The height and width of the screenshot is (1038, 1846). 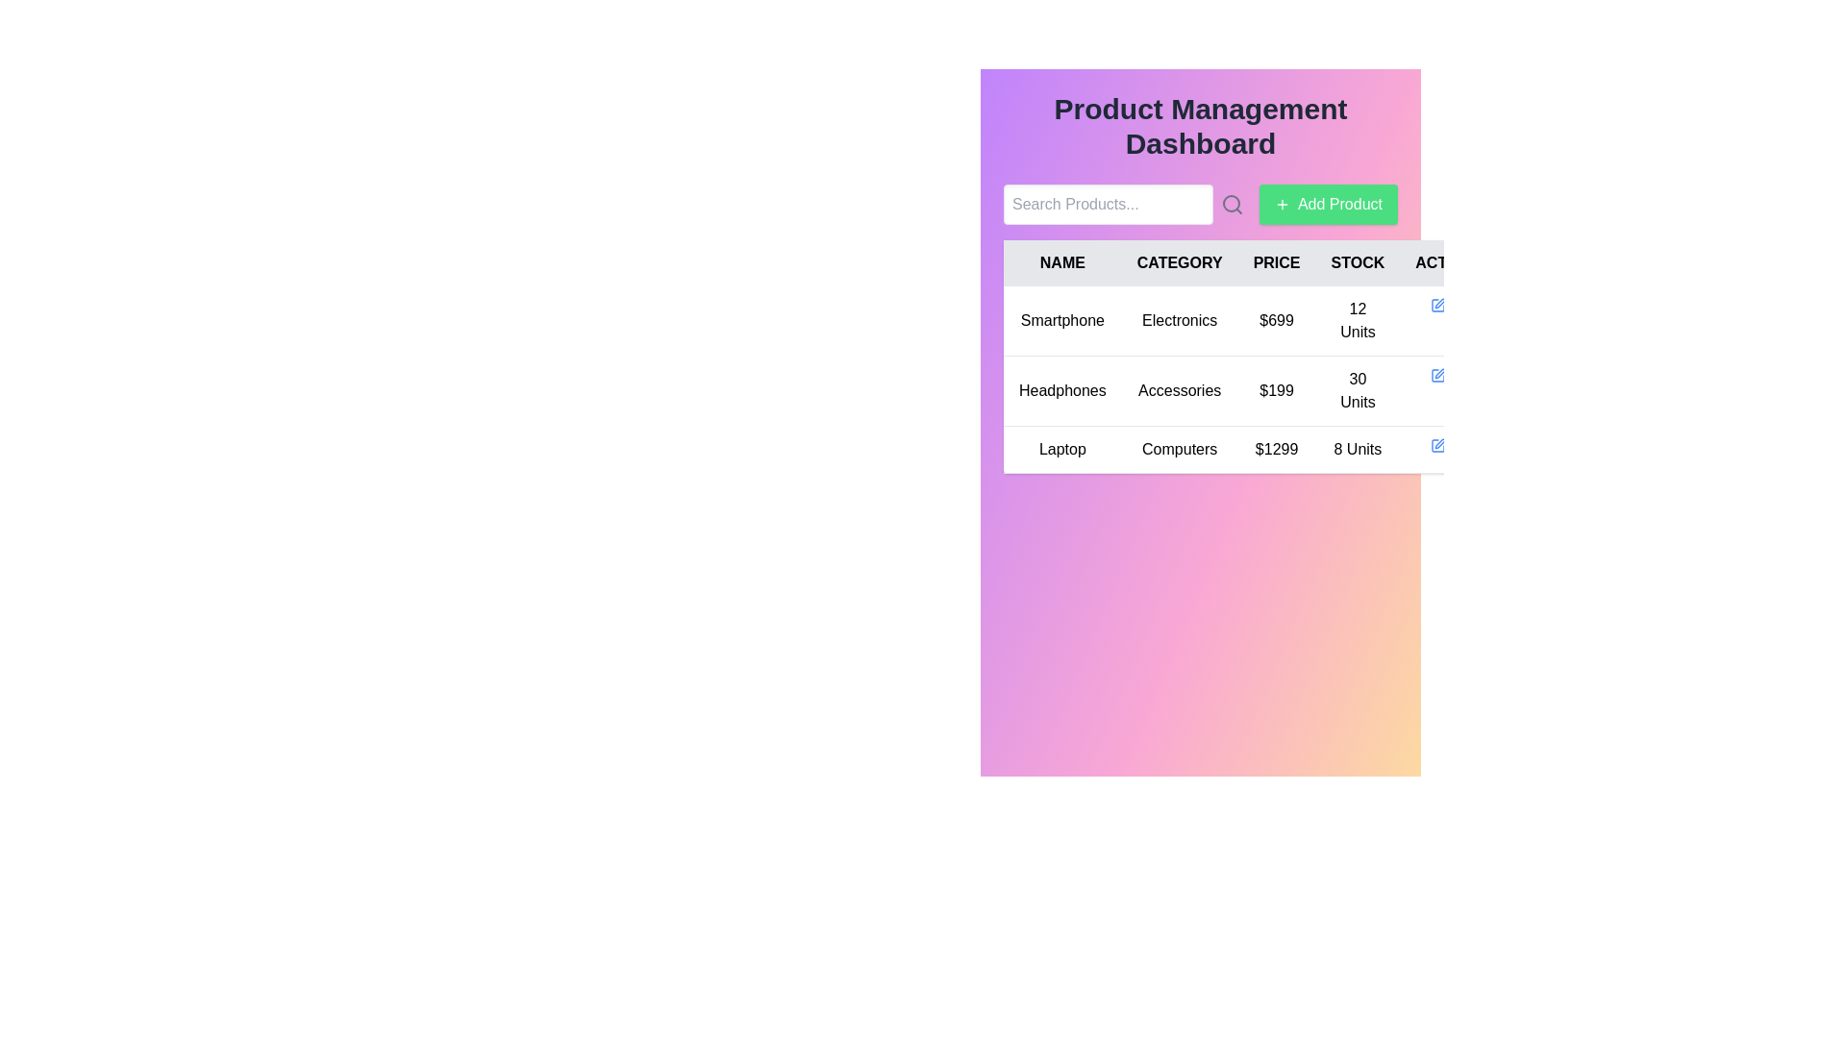 I want to click on the text label displaying the product name 'Laptop' in the third row of the product details table, positioned under the 'NAME' column, so click(x=1061, y=449).